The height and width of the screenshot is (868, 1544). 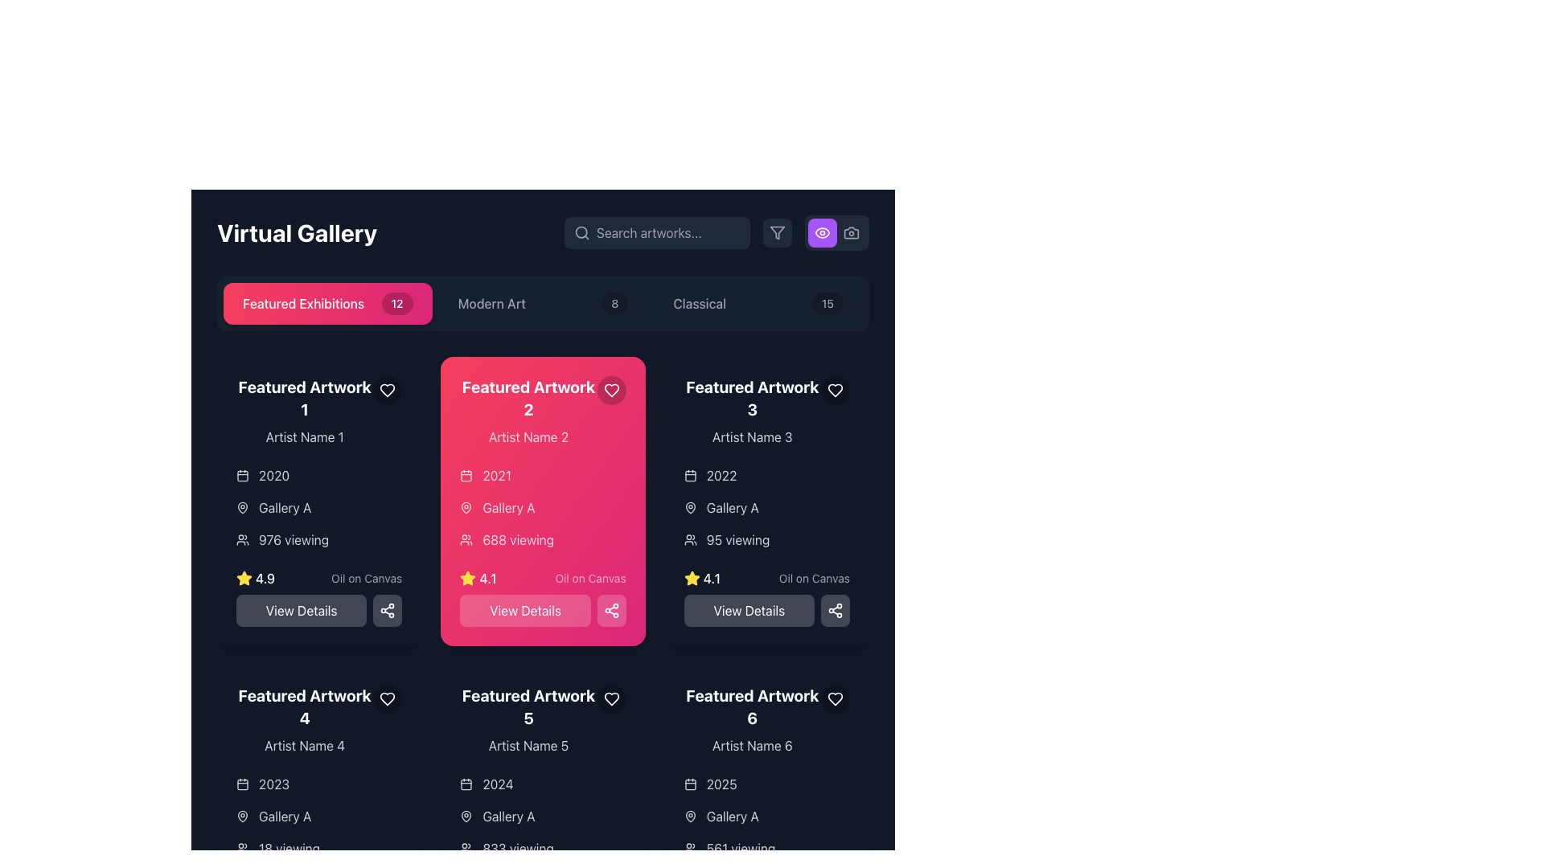 What do you see at coordinates (242, 816) in the screenshot?
I see `the location marker icon next to the text 'Gallery A'` at bounding box center [242, 816].